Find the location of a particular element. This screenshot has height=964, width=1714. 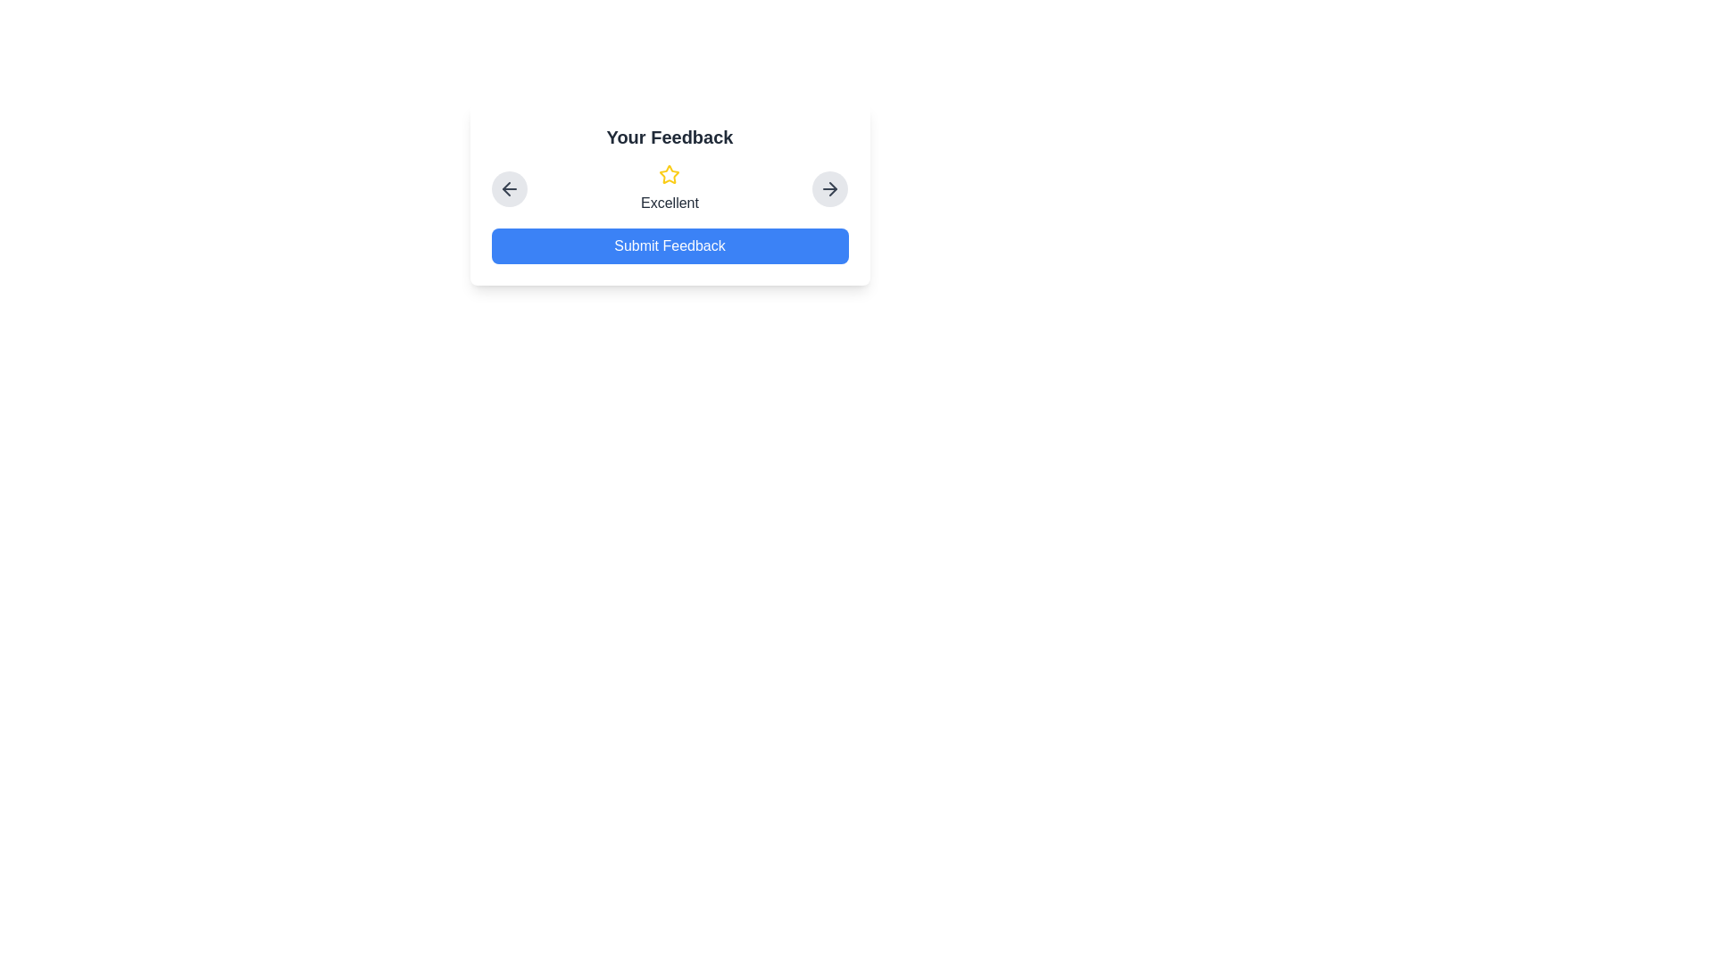

the text 'Excellent' of the Composite element consisting of a yellow star icon and descriptive text, which is centrally positioned in the feedback section is located at coordinates (669, 189).